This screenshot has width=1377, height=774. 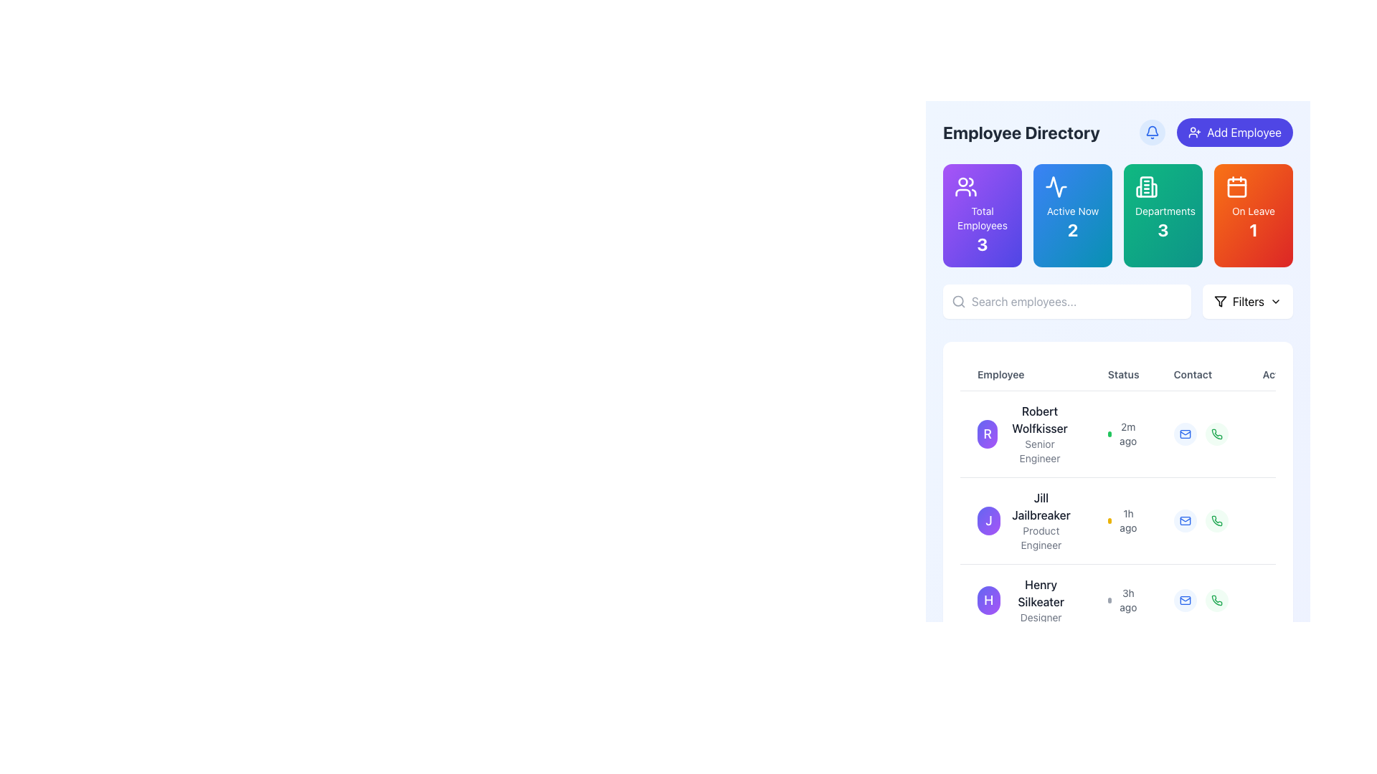 I want to click on the text block displaying the name 'Henry Silkeater' in the employee directory, so click(x=1041, y=593).